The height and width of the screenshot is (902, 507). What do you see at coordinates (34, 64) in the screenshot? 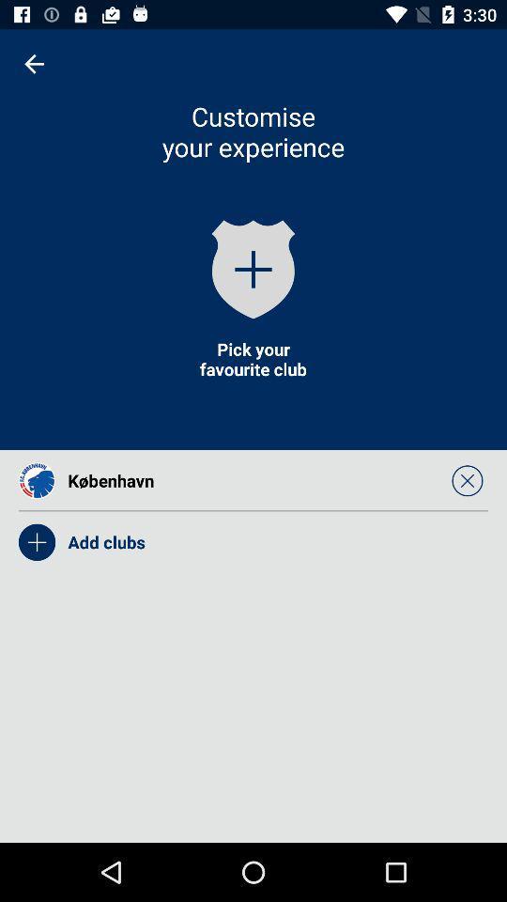
I see `previous` at bounding box center [34, 64].